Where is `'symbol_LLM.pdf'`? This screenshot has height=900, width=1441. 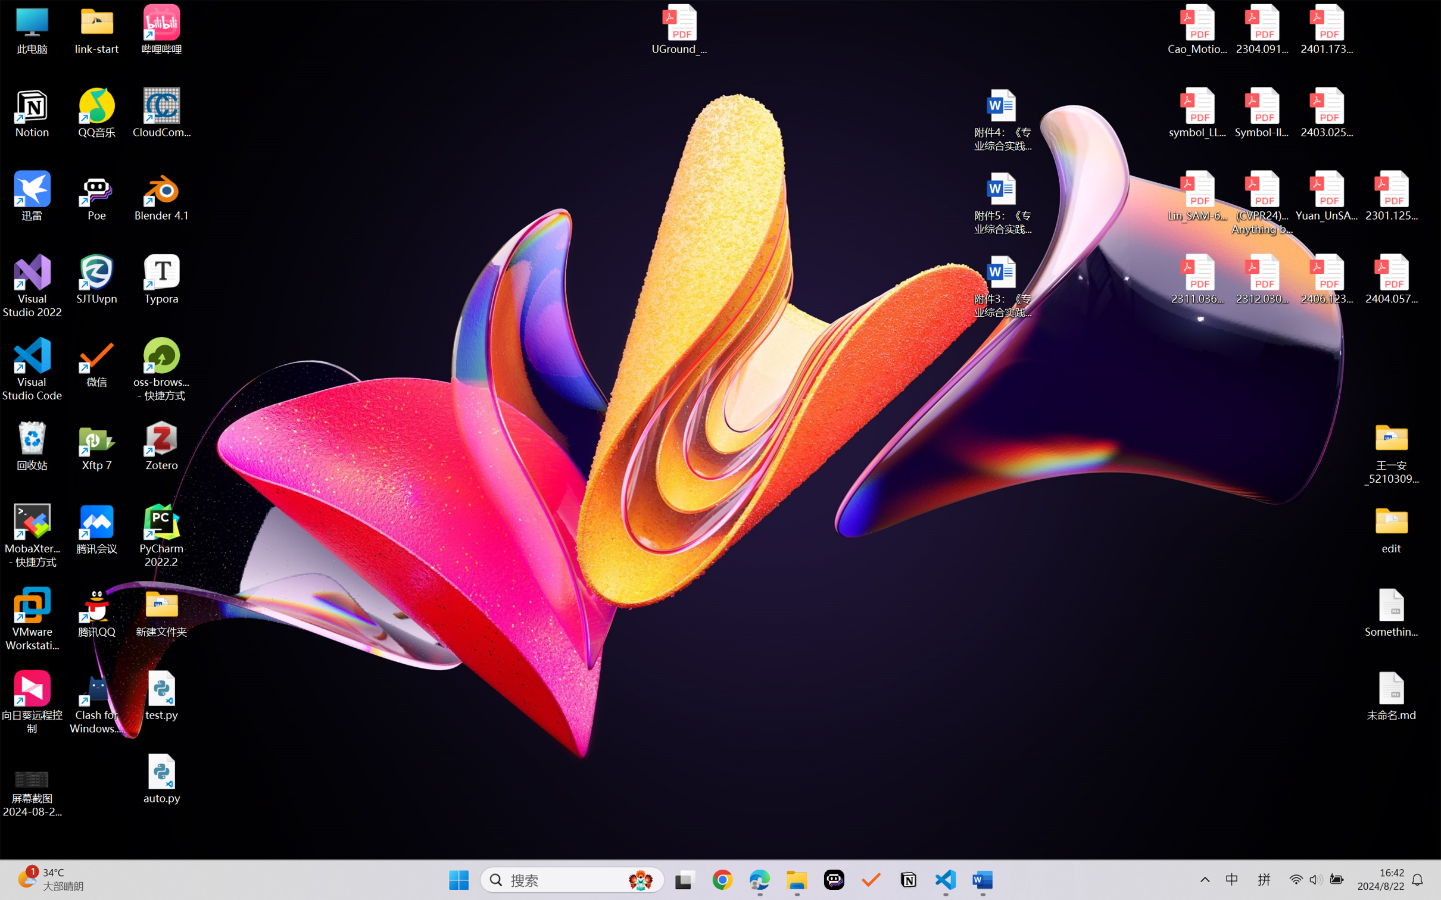 'symbol_LLM.pdf' is located at coordinates (1197, 113).